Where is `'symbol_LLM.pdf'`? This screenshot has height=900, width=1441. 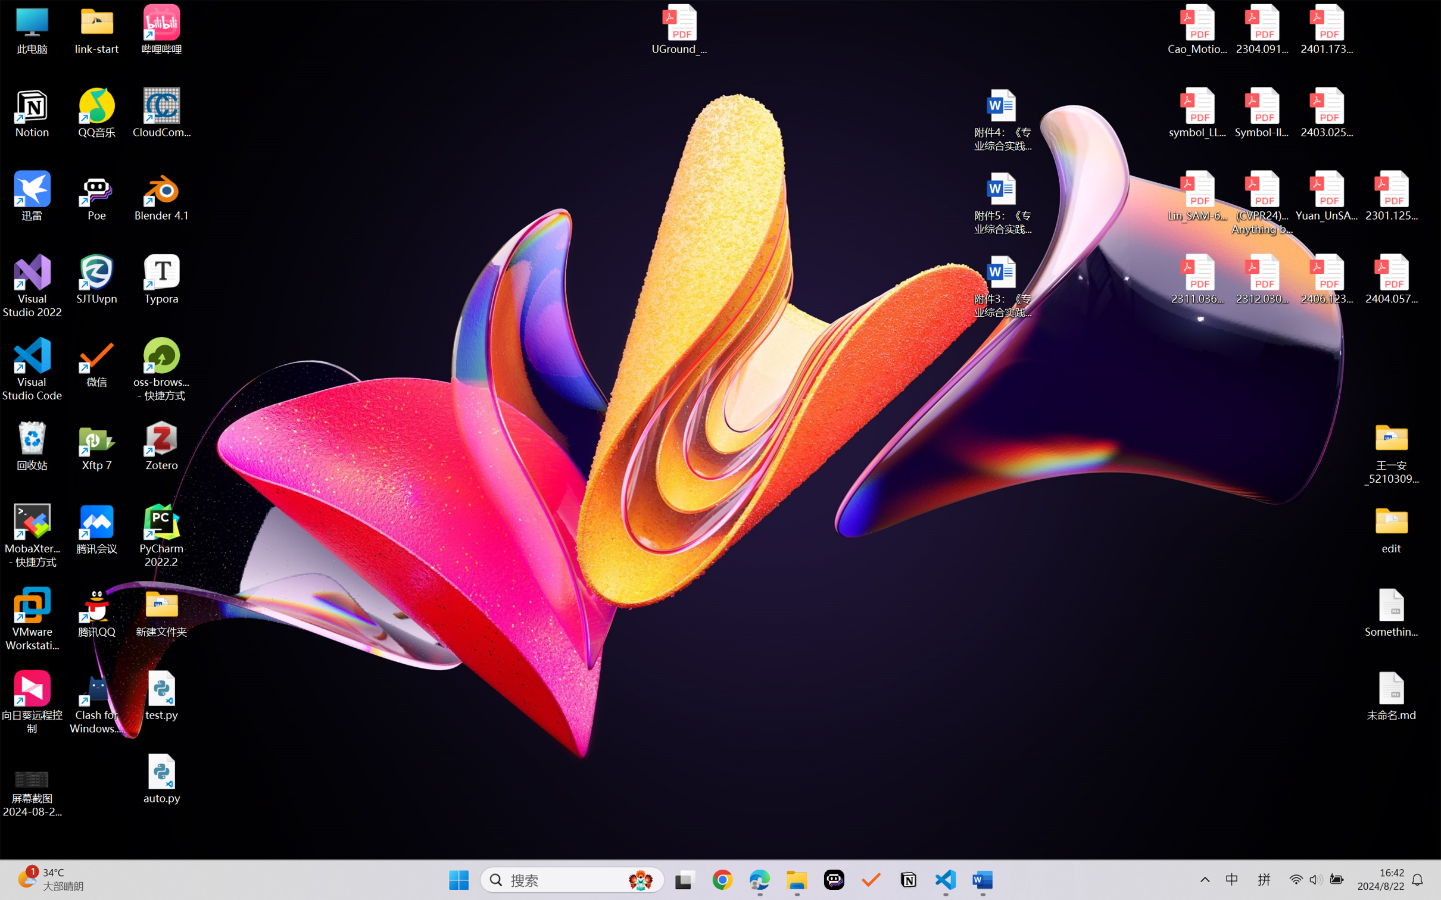 'symbol_LLM.pdf' is located at coordinates (1197, 113).